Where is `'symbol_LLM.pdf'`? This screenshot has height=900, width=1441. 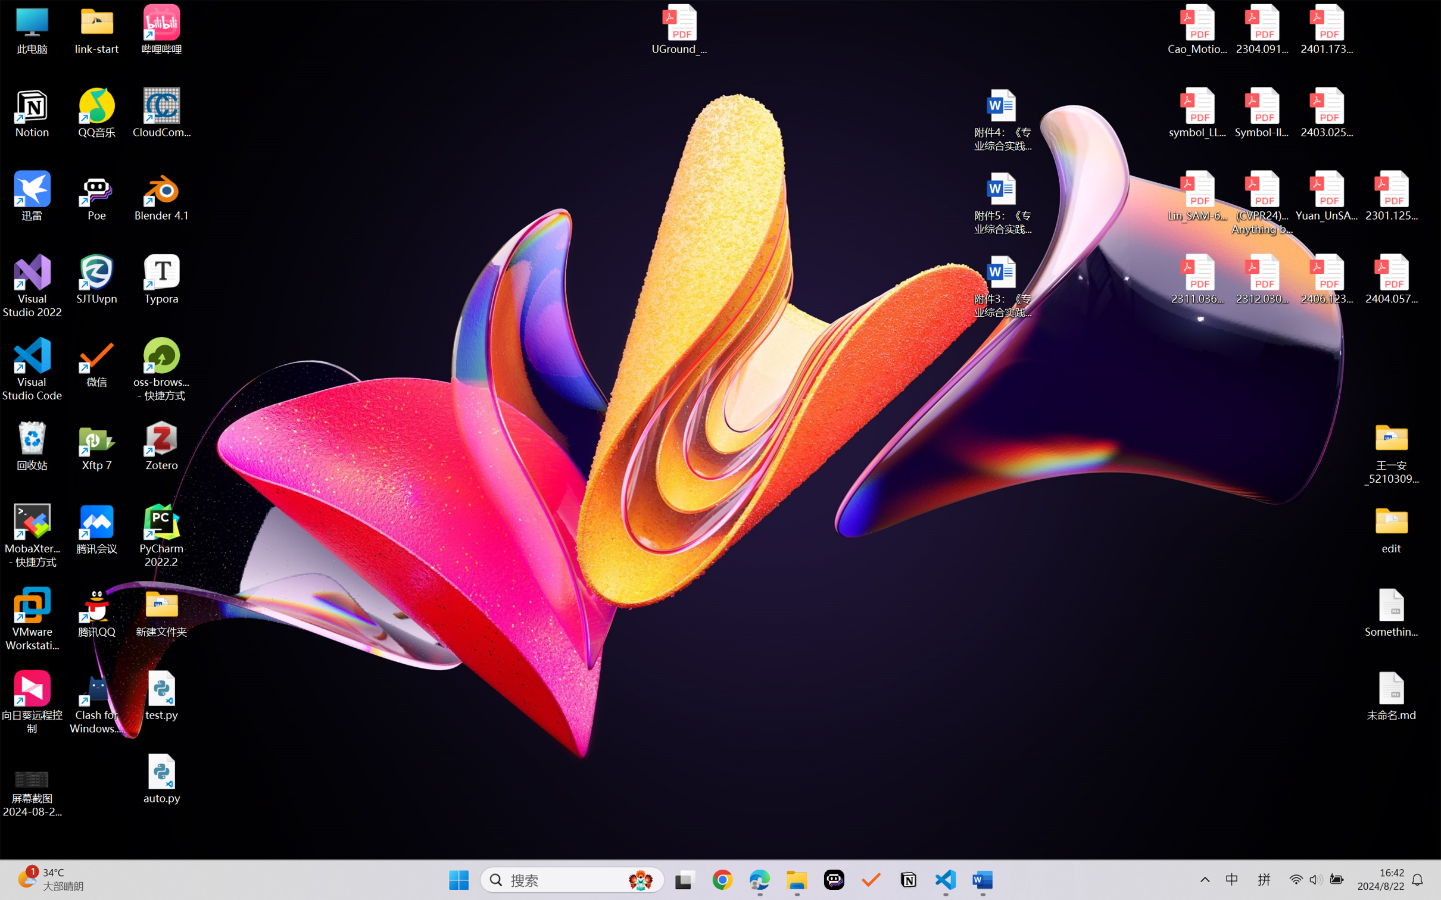 'symbol_LLM.pdf' is located at coordinates (1197, 113).